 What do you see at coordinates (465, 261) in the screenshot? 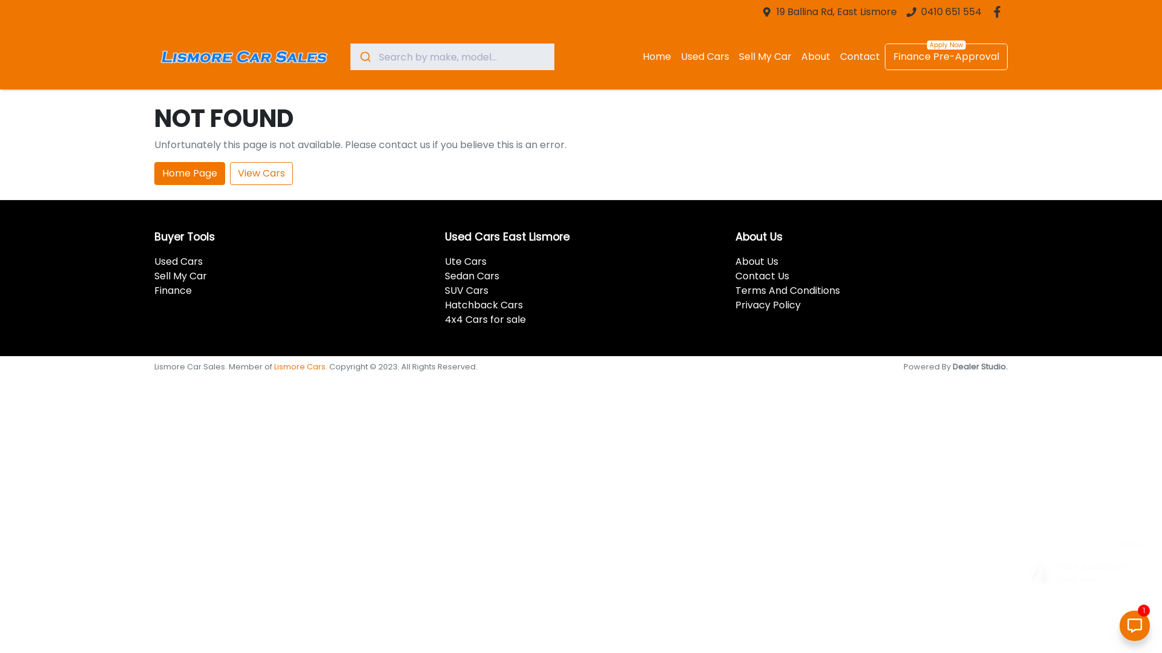
I see `'Ute Cars'` at bounding box center [465, 261].